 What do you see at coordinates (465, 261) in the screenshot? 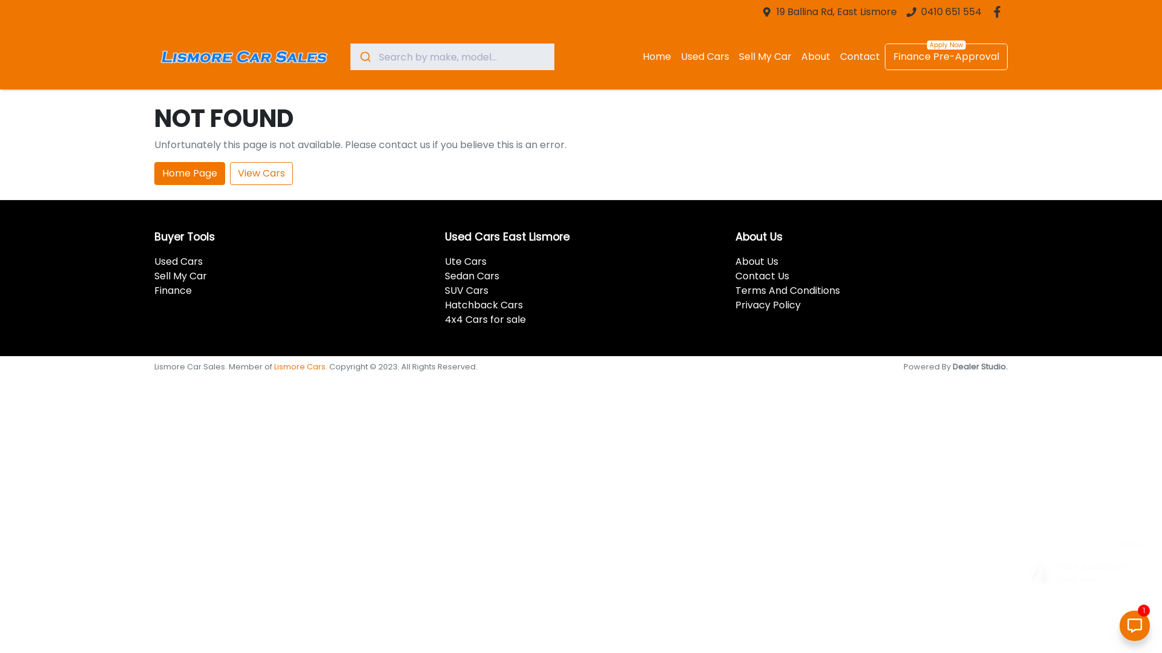
I see `'Ute Cars'` at bounding box center [465, 261].